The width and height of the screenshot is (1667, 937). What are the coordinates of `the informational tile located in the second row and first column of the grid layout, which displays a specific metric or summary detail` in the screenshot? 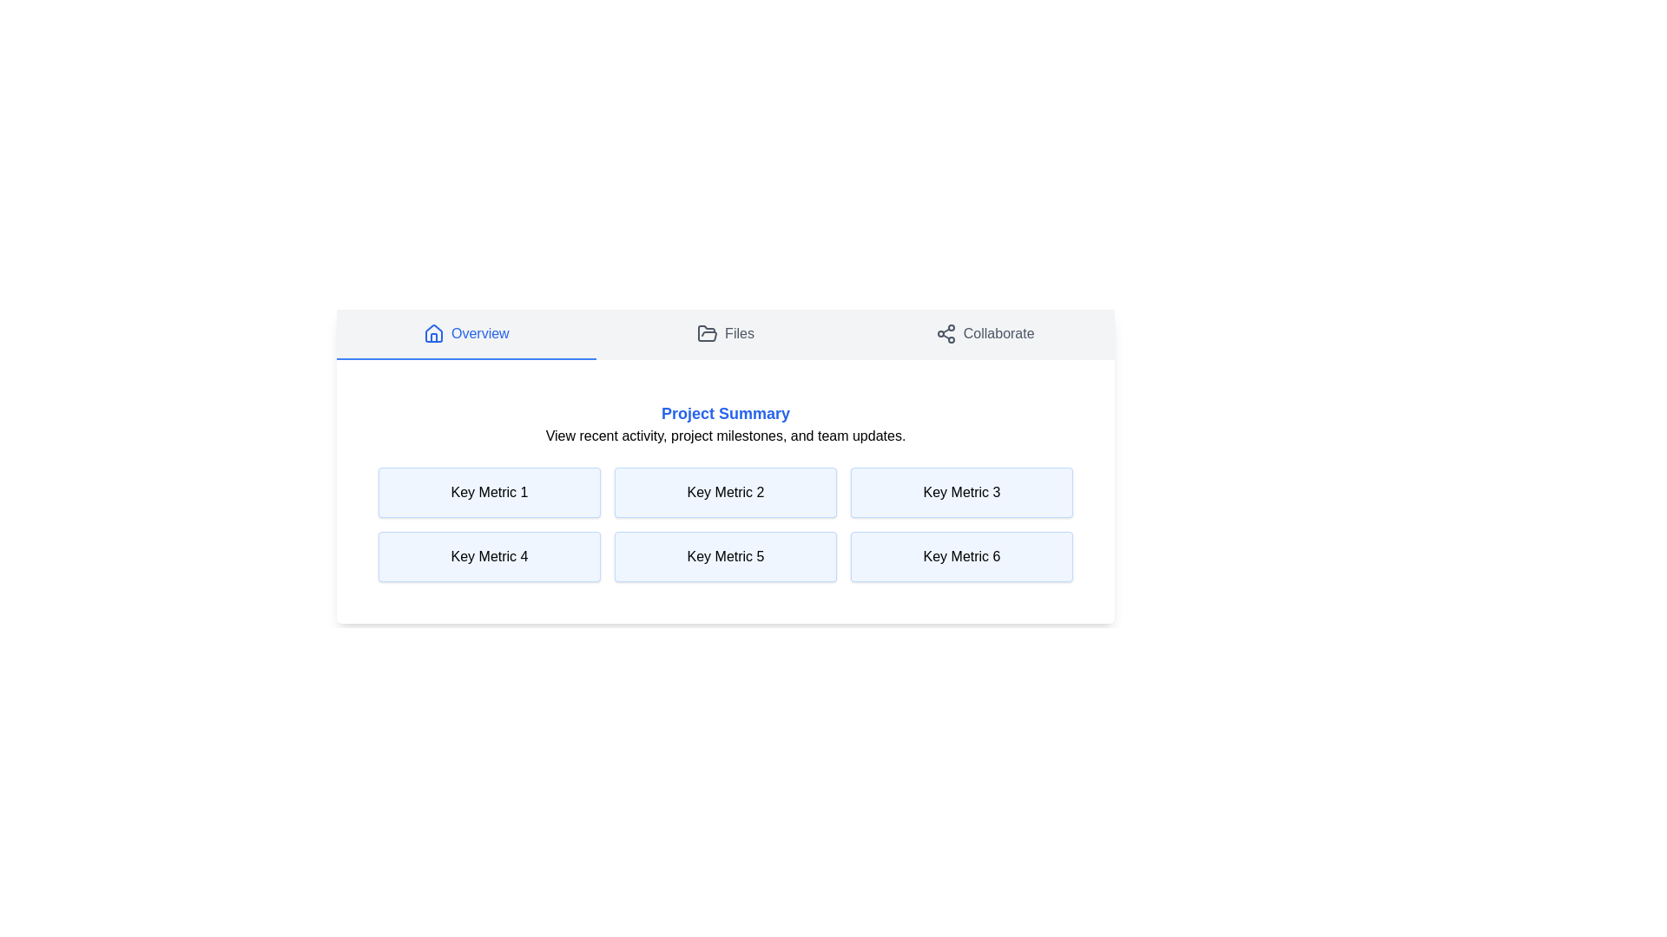 It's located at (489, 556).